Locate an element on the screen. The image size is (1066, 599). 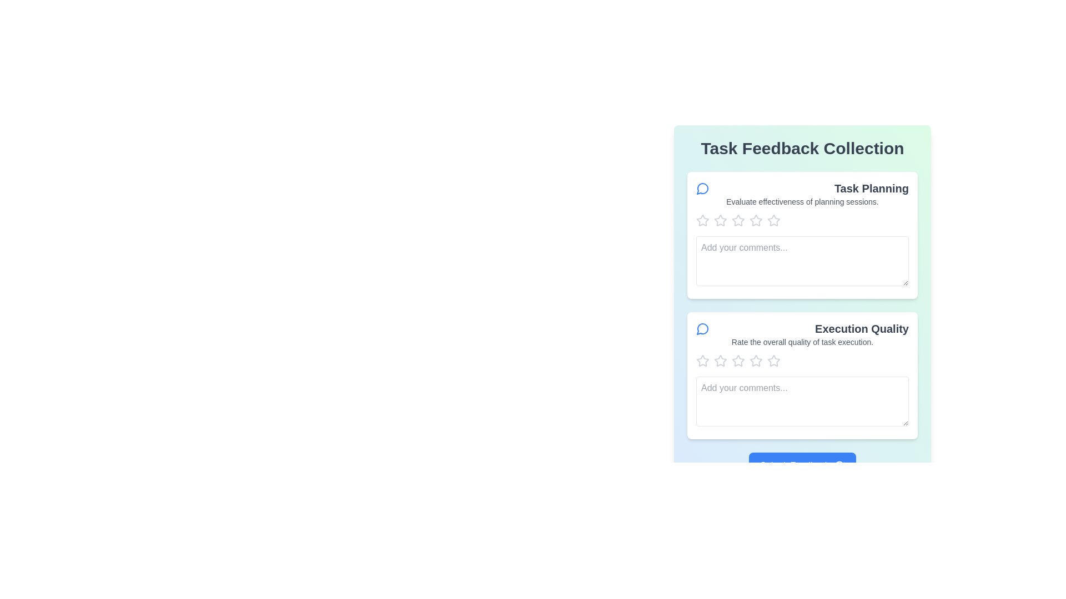
the first star icon in the 5-star rating row under the 'Execution Quality' section is located at coordinates (702, 361).